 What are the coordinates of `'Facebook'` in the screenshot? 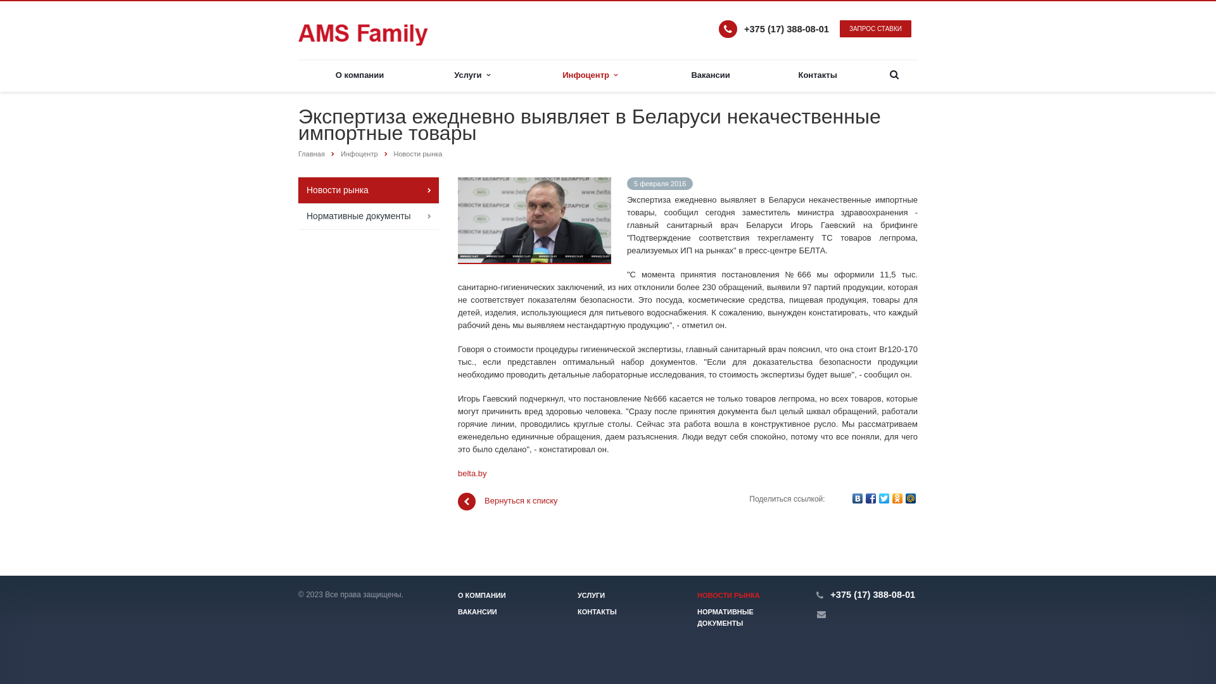 It's located at (870, 497).